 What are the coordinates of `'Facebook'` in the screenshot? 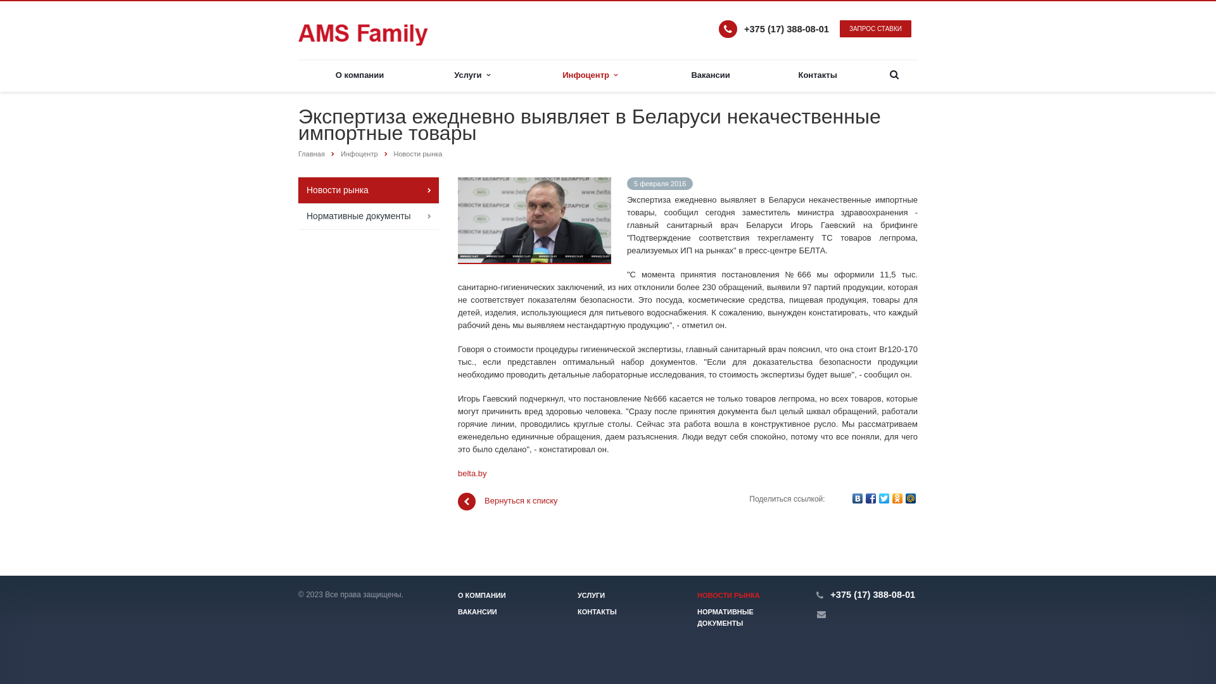 It's located at (870, 497).